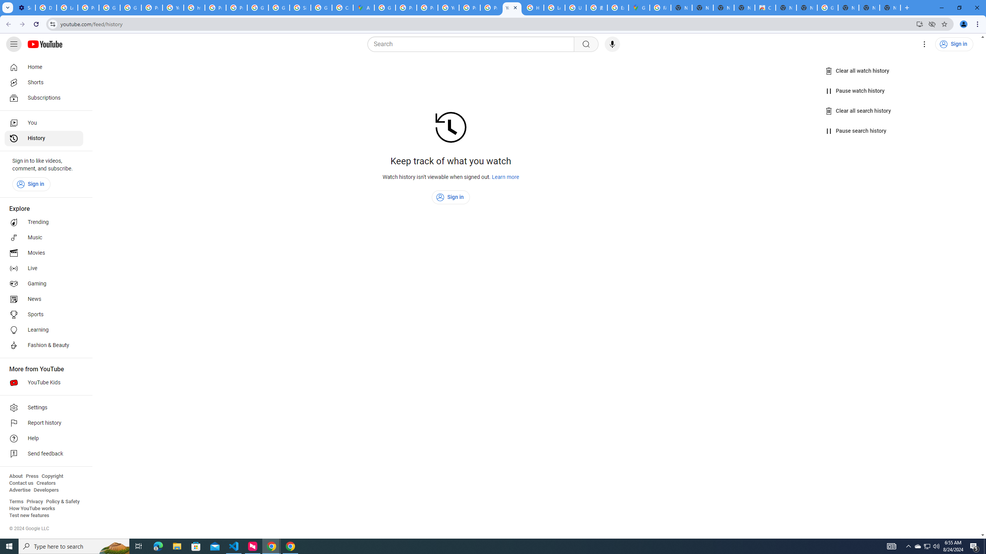 Image resolution: width=986 pixels, height=554 pixels. I want to click on 'New Tab', so click(848, 7).